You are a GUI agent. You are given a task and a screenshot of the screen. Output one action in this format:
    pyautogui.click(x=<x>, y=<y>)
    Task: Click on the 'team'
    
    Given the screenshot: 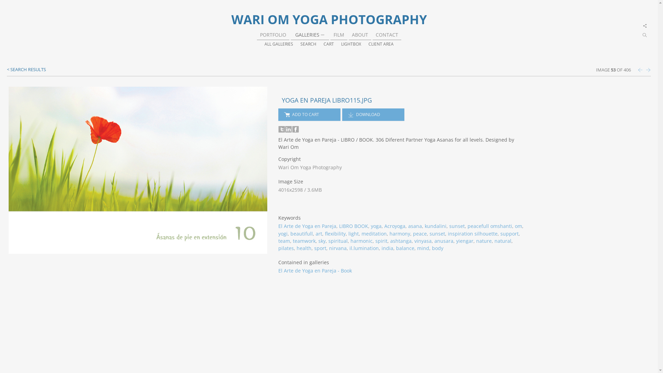 What is the action you would take?
    pyautogui.click(x=278, y=240)
    